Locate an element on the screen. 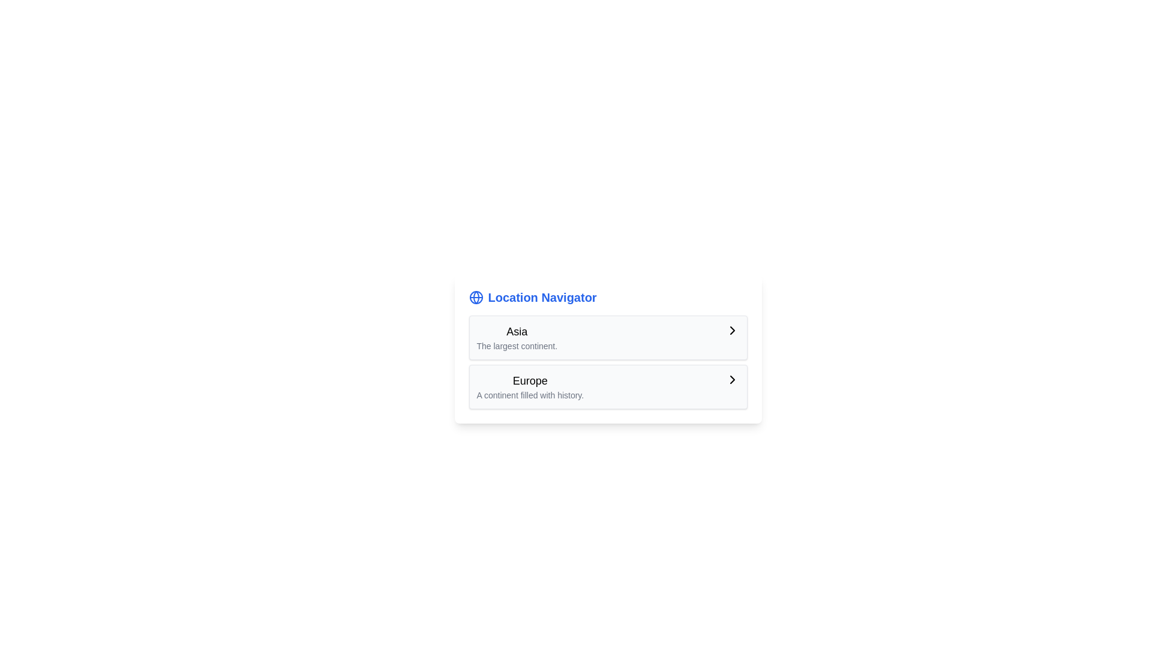 The image size is (1152, 648). the navigational indicator icon next to the 'Europe' text in the 'Location Navigator' panel is located at coordinates (731, 379).